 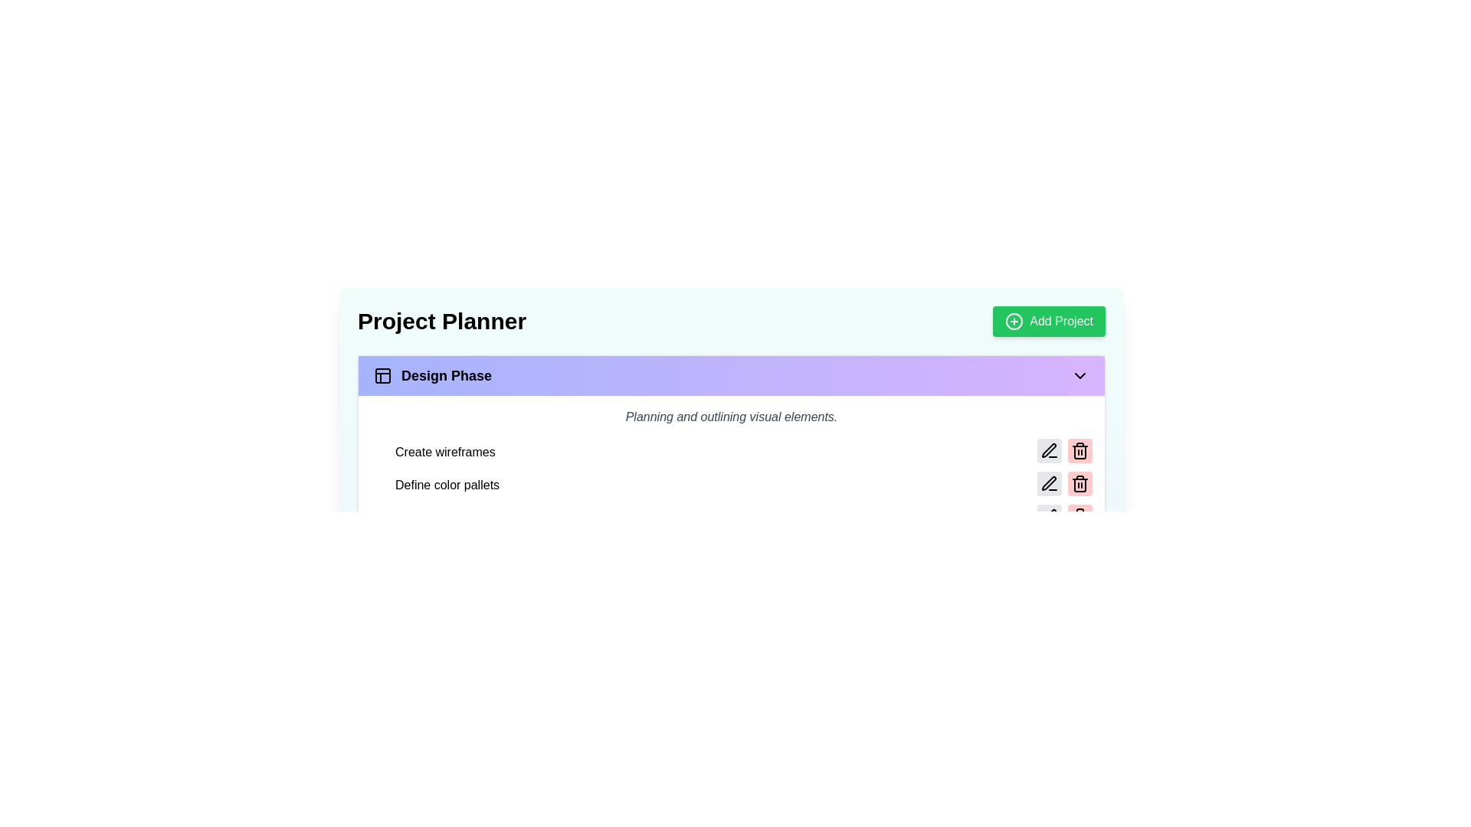 What do you see at coordinates (1079, 450) in the screenshot?
I see `the trash bin icon button located in the bottom right corner of the 'Design Phase' section` at bounding box center [1079, 450].